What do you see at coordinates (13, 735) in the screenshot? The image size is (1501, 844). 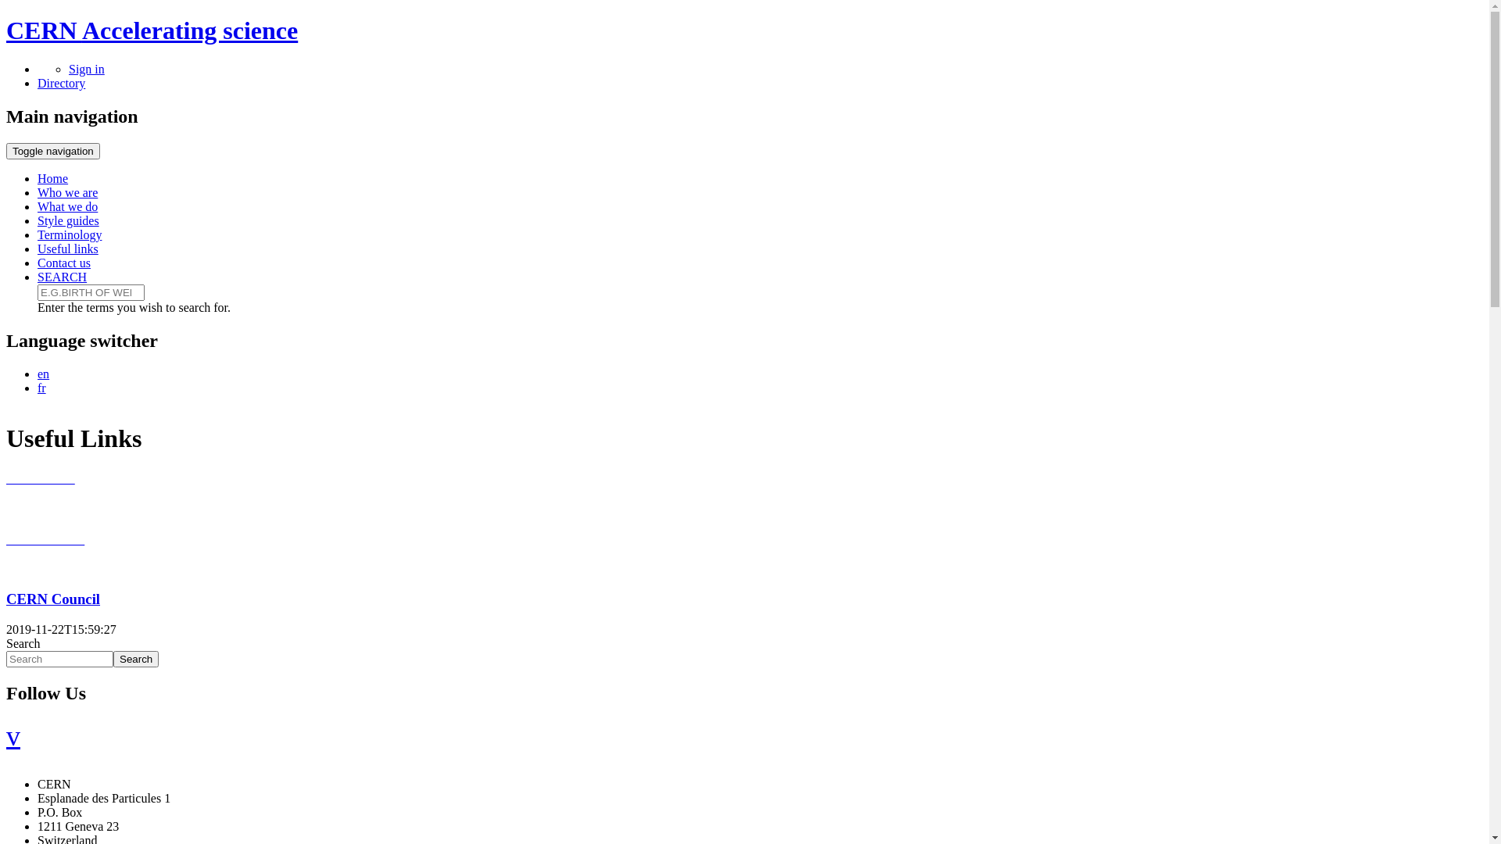 I see `'v'` at bounding box center [13, 735].